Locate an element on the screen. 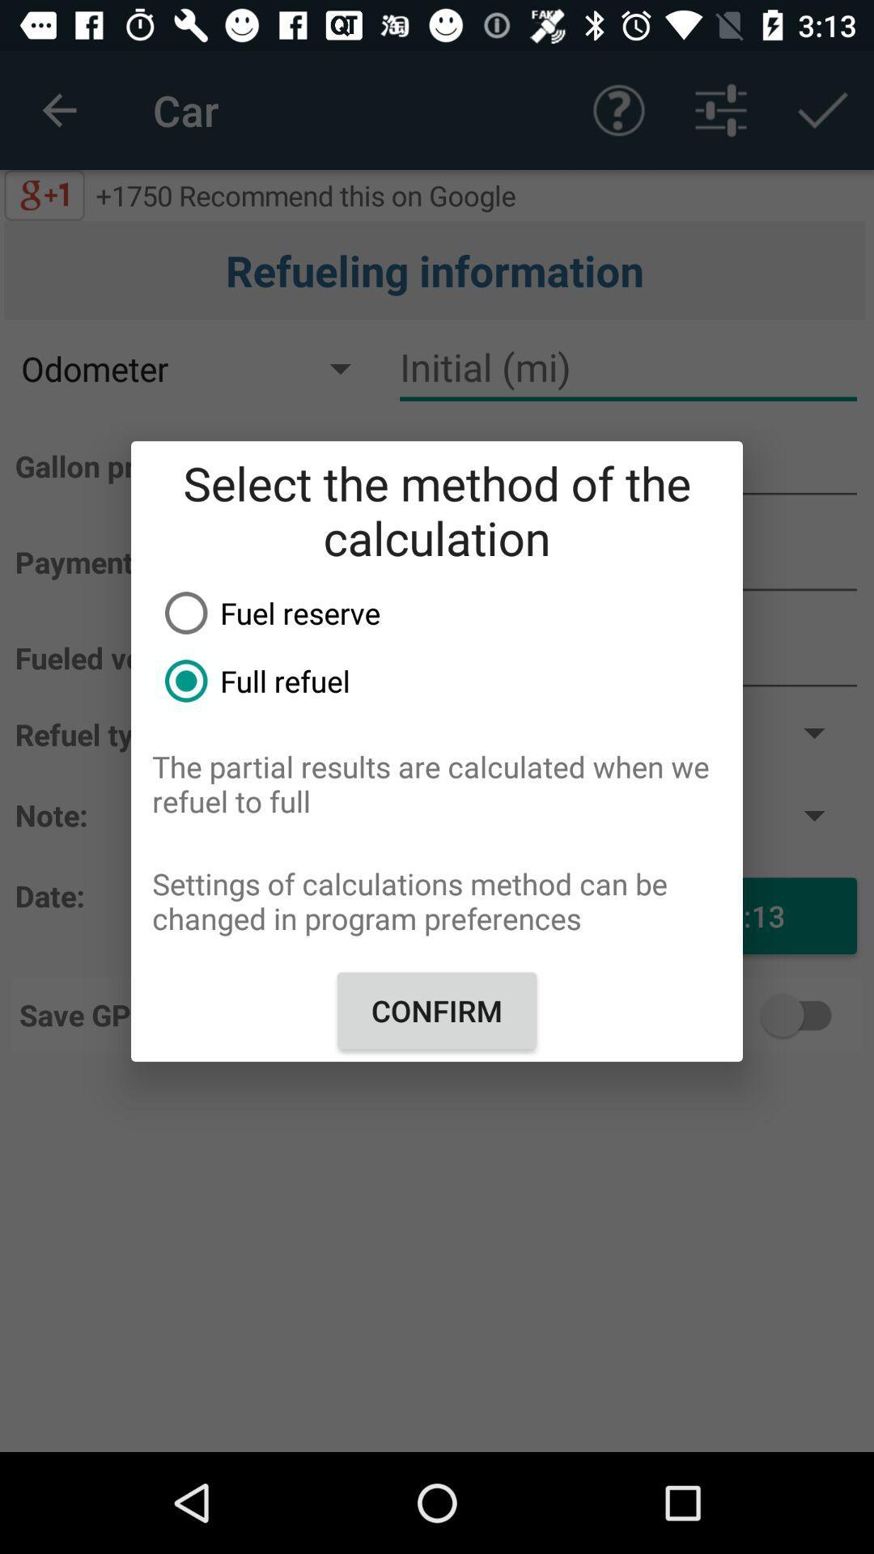 The image size is (874, 1554). the item below the settings of calculations item is located at coordinates (437, 1009).